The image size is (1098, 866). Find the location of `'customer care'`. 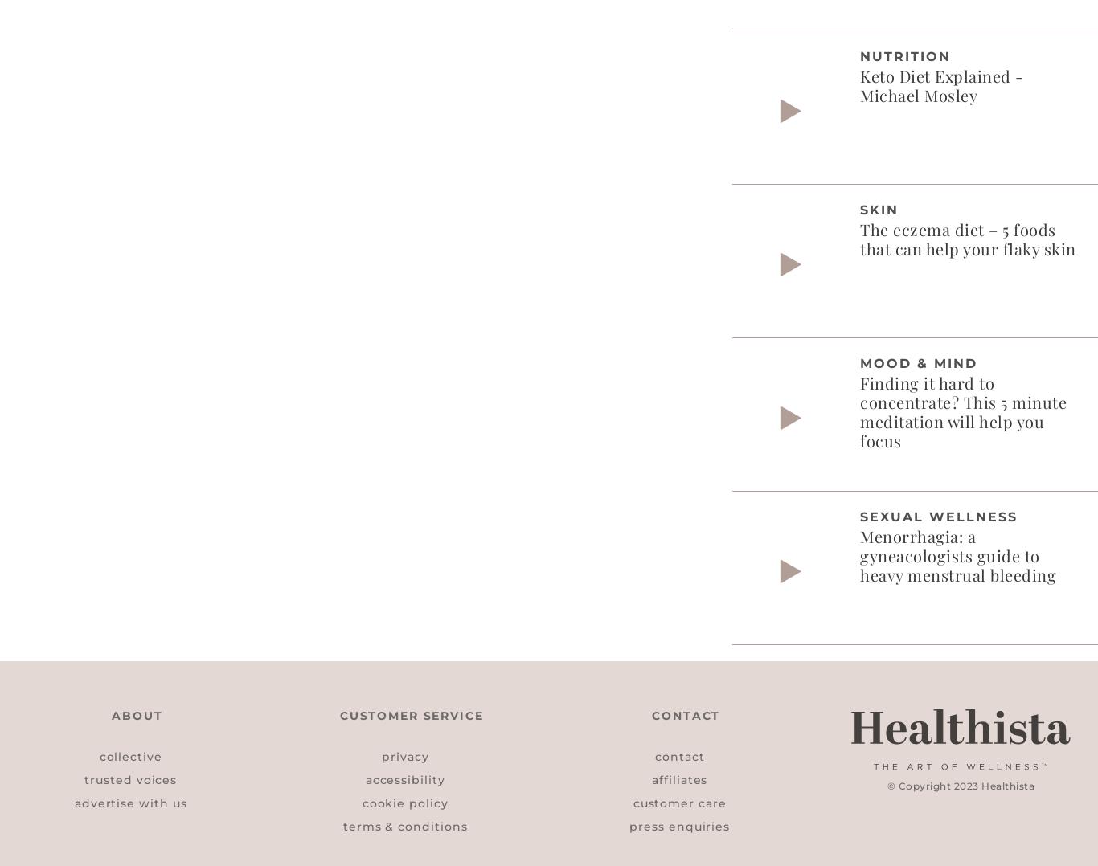

'customer care' is located at coordinates (678, 802).